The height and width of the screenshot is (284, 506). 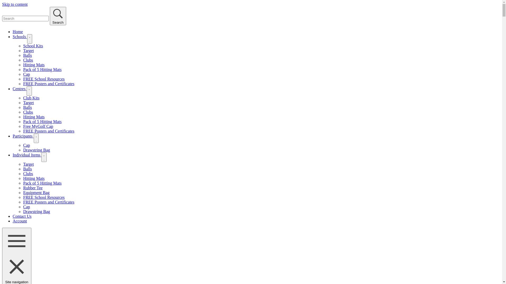 What do you see at coordinates (23, 126) in the screenshot?
I see `'Free MyGolf Cap'` at bounding box center [23, 126].